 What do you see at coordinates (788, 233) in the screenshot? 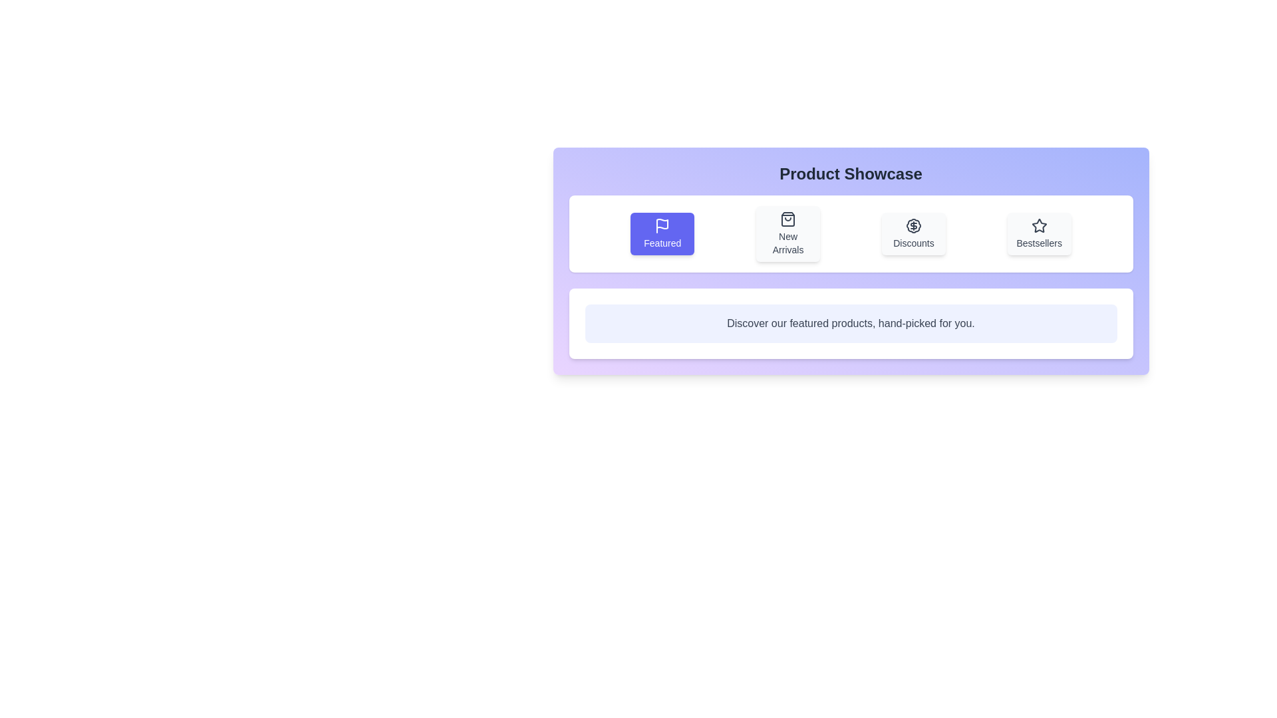
I see `the 'New Arrivals' button, which is the second button from the left in a group of four buttons, located to the right of the 'Featured' button and to the left of the 'Discounts' button, for preview effects` at bounding box center [788, 233].